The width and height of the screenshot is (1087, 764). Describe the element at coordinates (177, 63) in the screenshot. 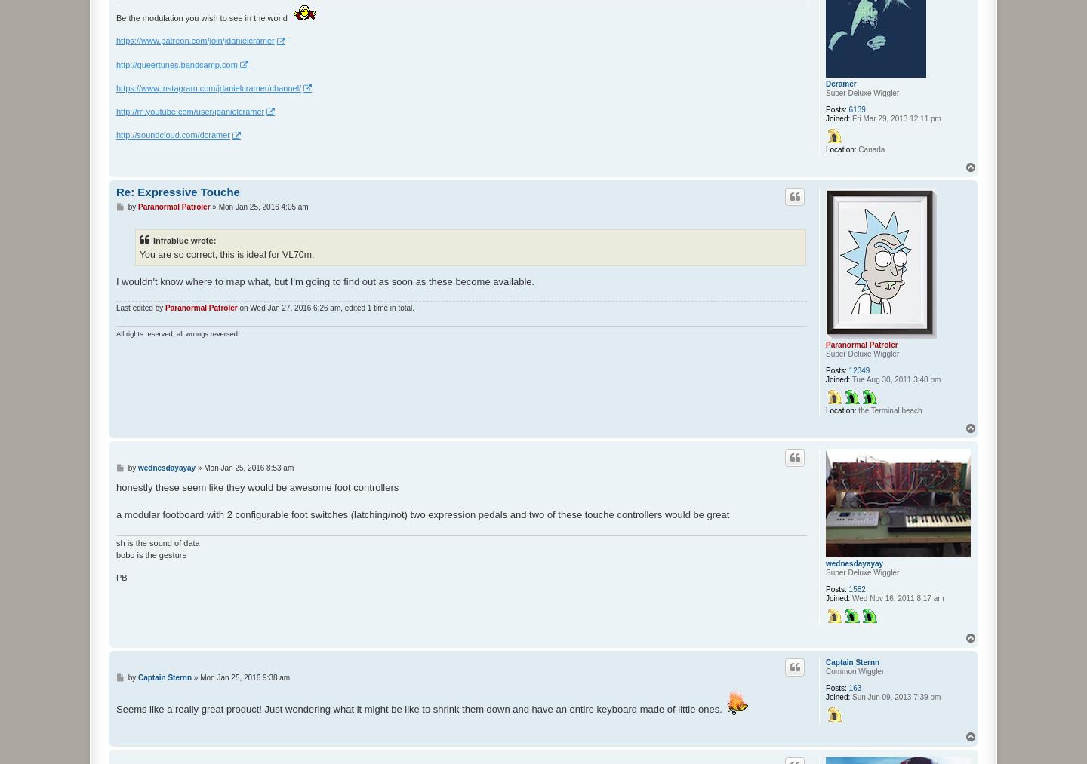

I see `'http://queertunes.bandcamp.com'` at that location.